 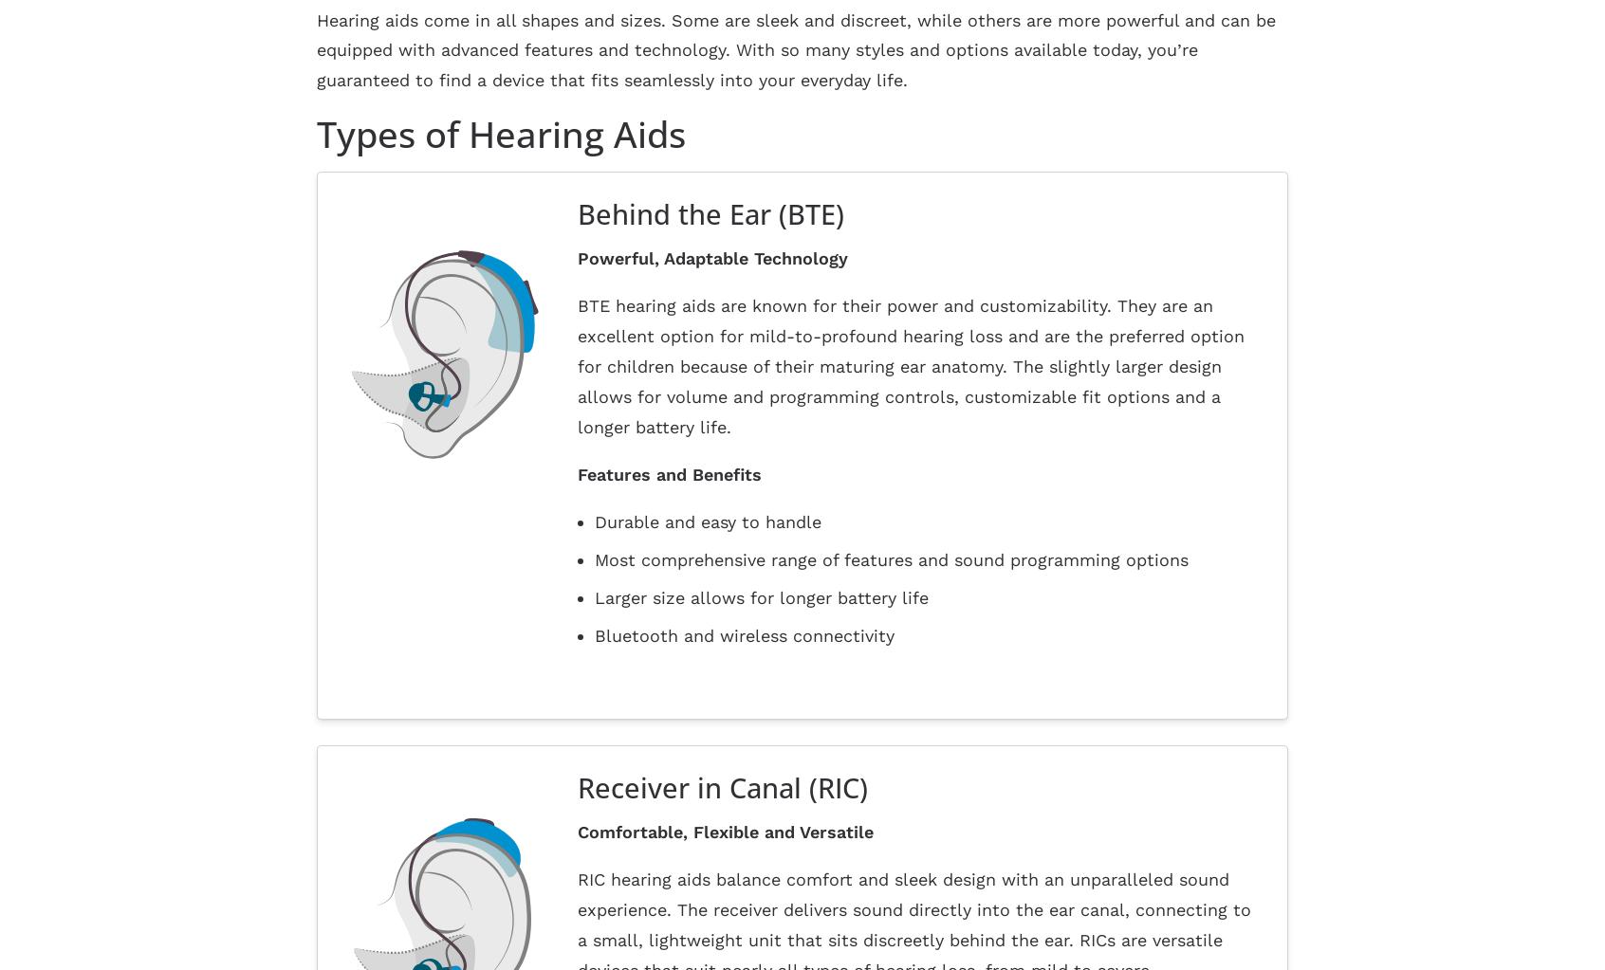 What do you see at coordinates (1208, 724) in the screenshot?
I see `'(571) 312-7345'` at bounding box center [1208, 724].